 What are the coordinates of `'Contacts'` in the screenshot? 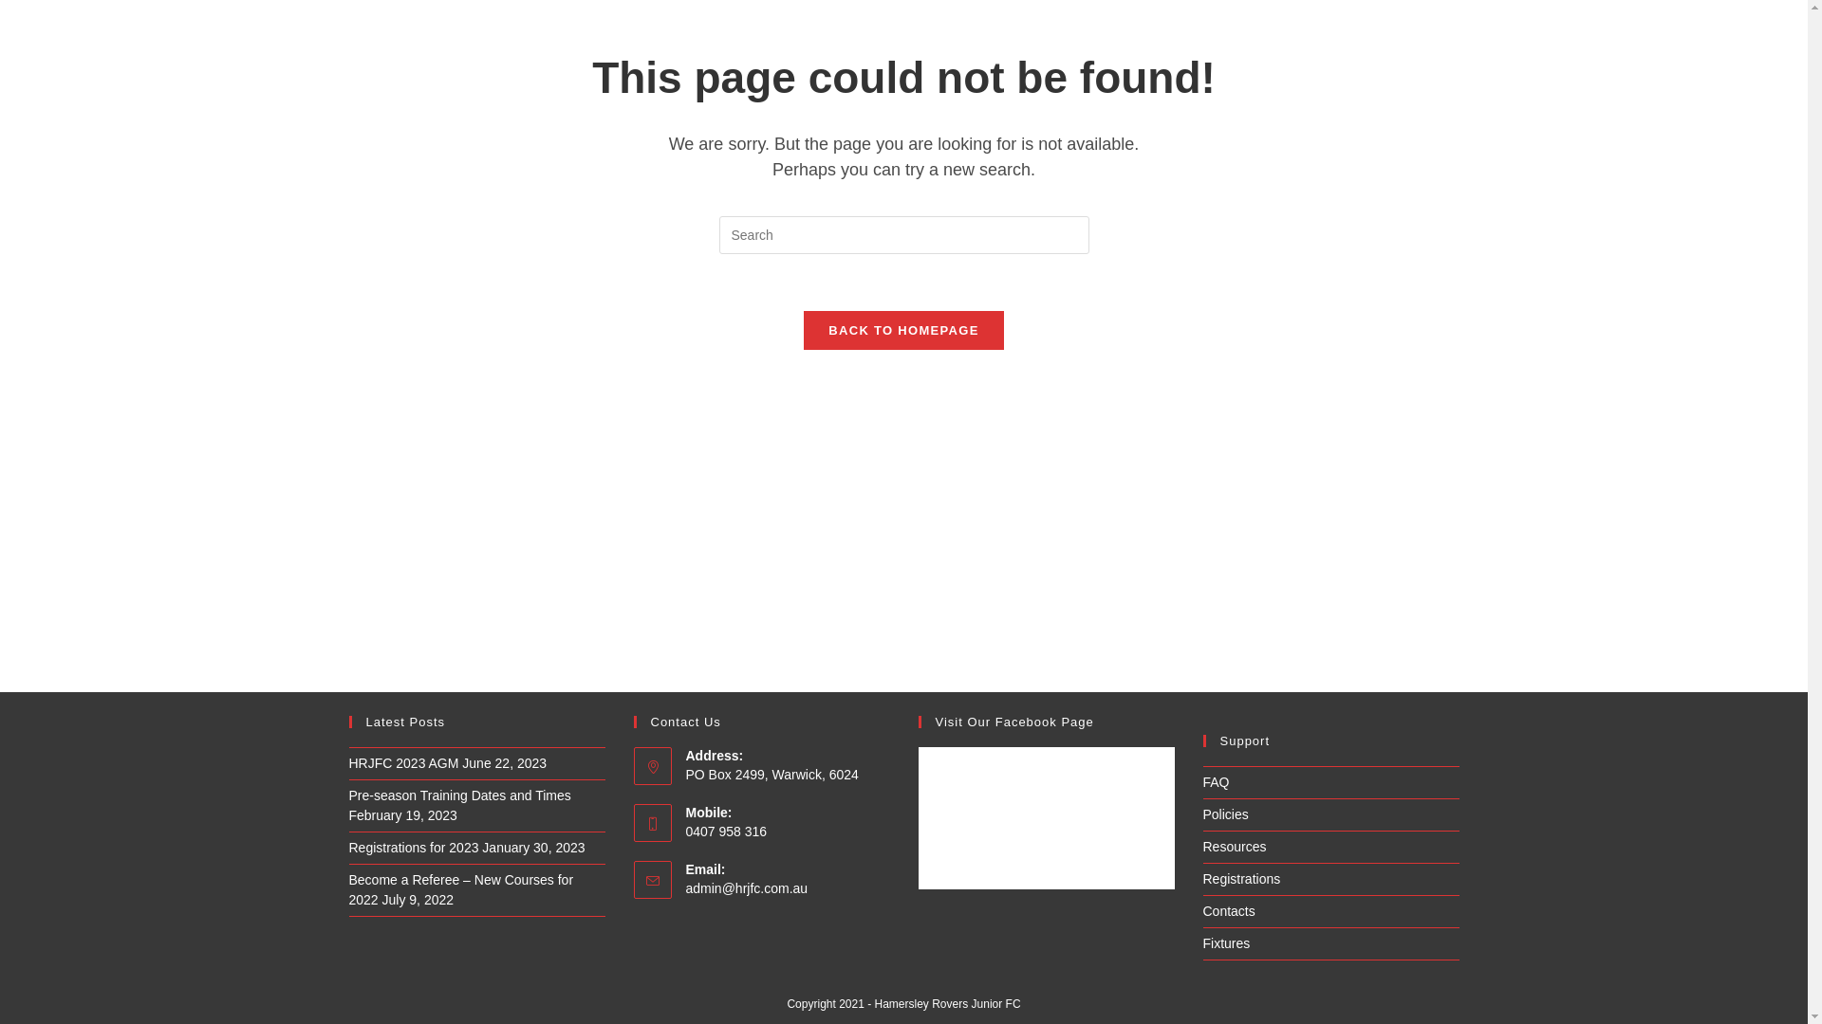 It's located at (1229, 909).